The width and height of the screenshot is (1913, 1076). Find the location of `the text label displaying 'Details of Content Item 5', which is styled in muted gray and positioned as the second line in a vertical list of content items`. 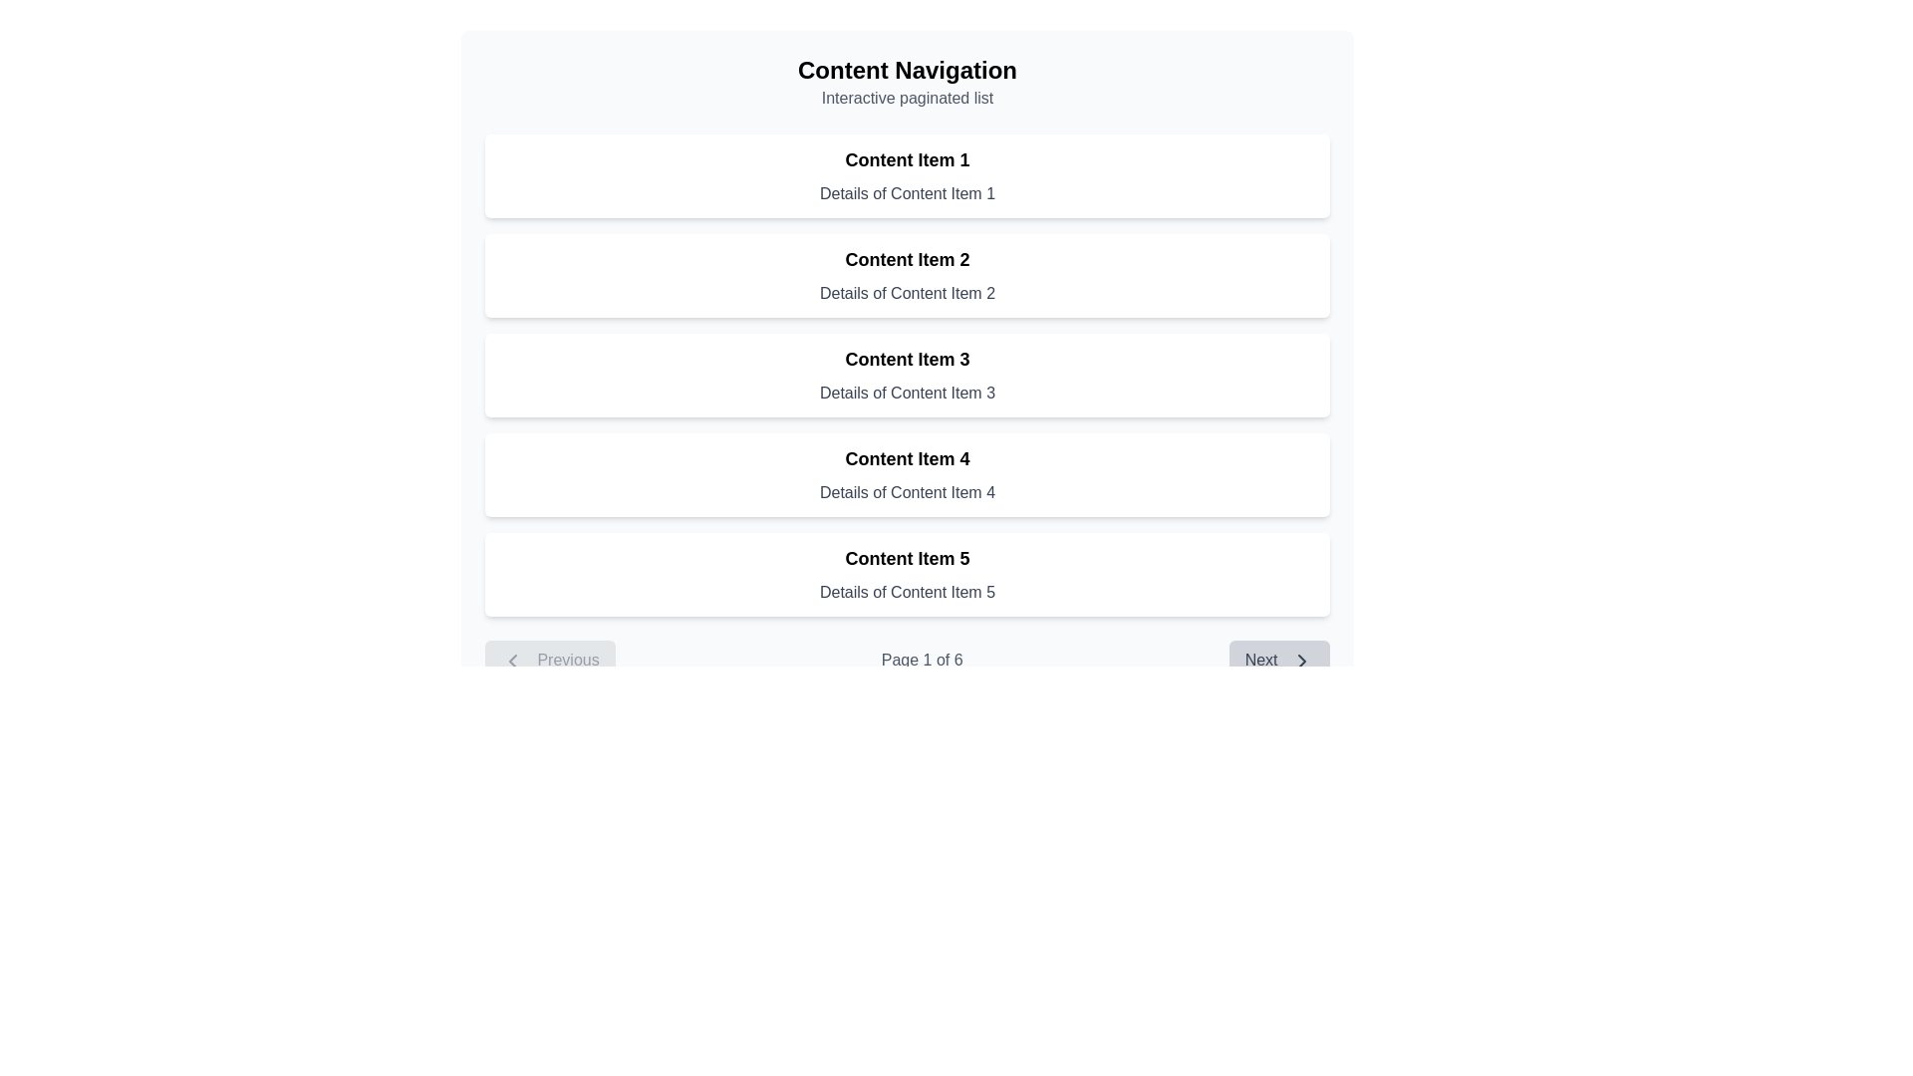

the text label displaying 'Details of Content Item 5', which is styled in muted gray and positioned as the second line in a vertical list of content items is located at coordinates (907, 591).